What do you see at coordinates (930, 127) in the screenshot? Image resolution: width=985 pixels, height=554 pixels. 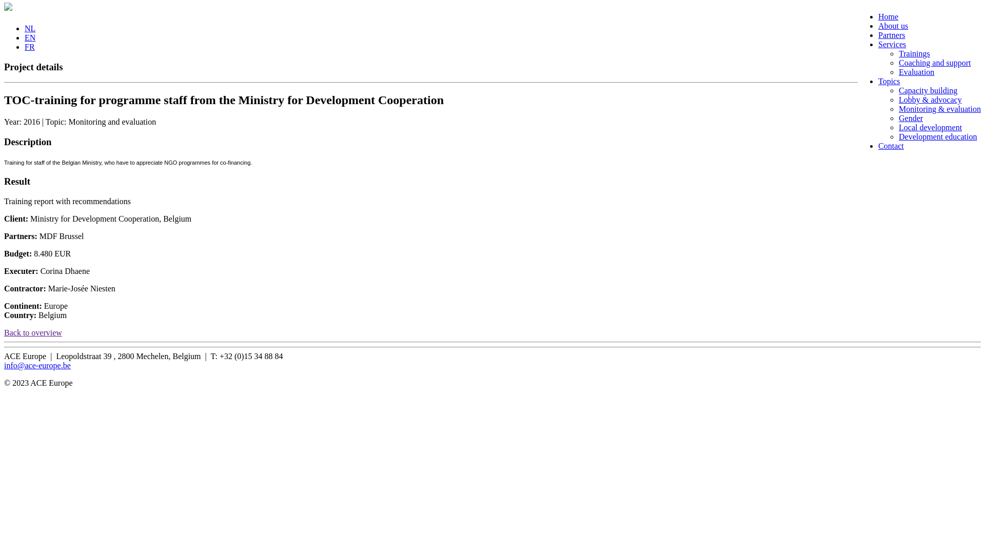 I see `'Local development'` at bounding box center [930, 127].